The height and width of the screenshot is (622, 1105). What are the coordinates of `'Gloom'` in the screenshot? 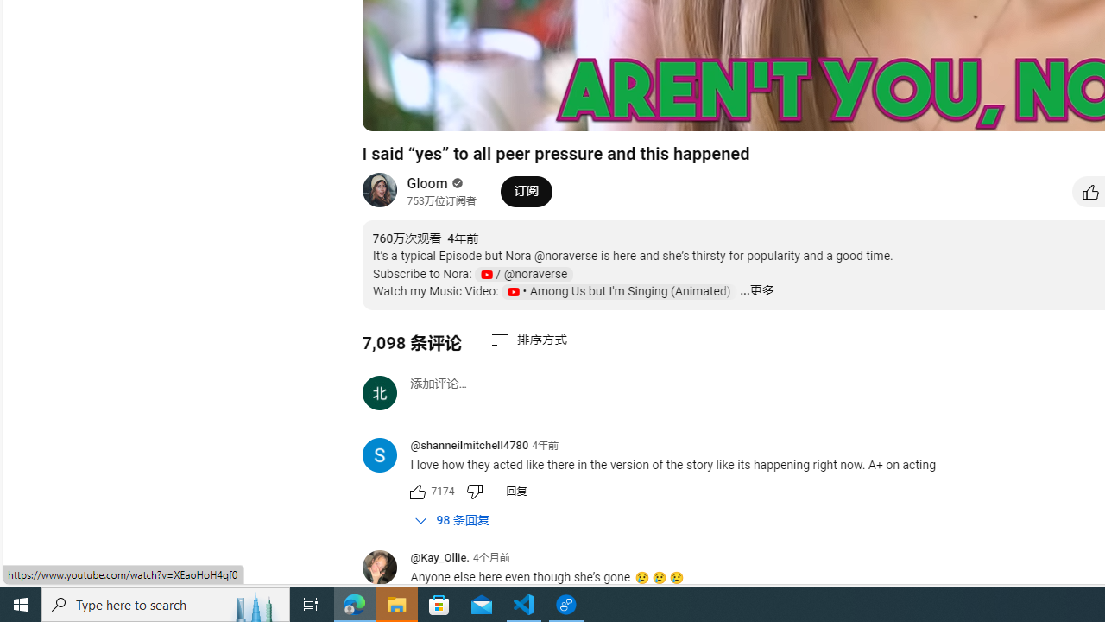 It's located at (428, 183).